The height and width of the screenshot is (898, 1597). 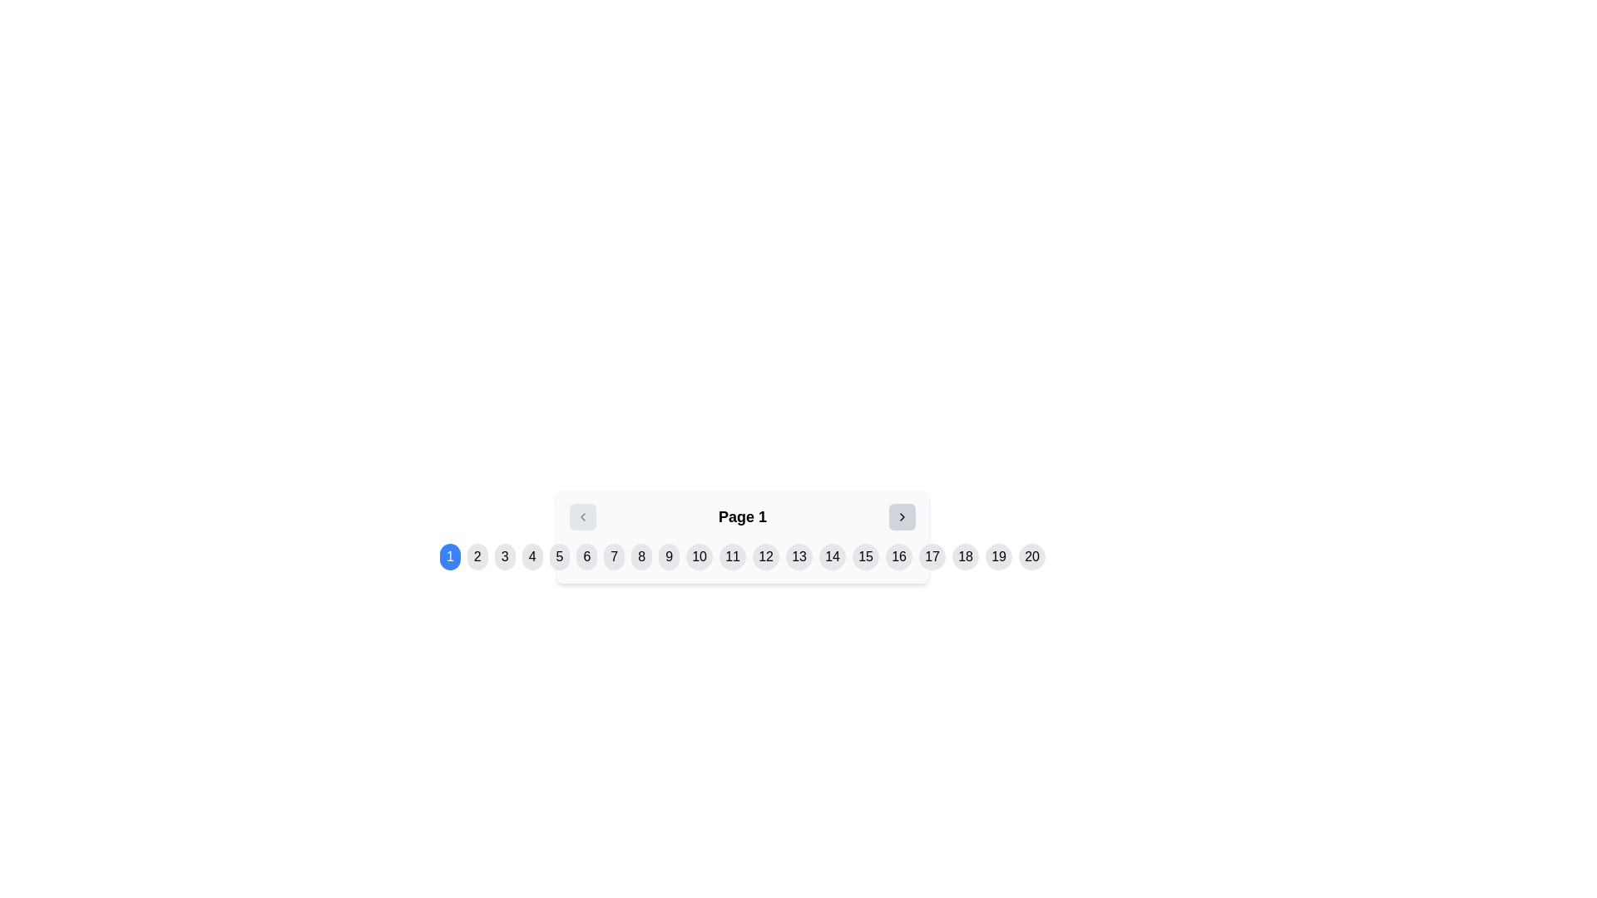 What do you see at coordinates (765, 557) in the screenshot?
I see `the circular button labeled '12' to observe the hover effect` at bounding box center [765, 557].